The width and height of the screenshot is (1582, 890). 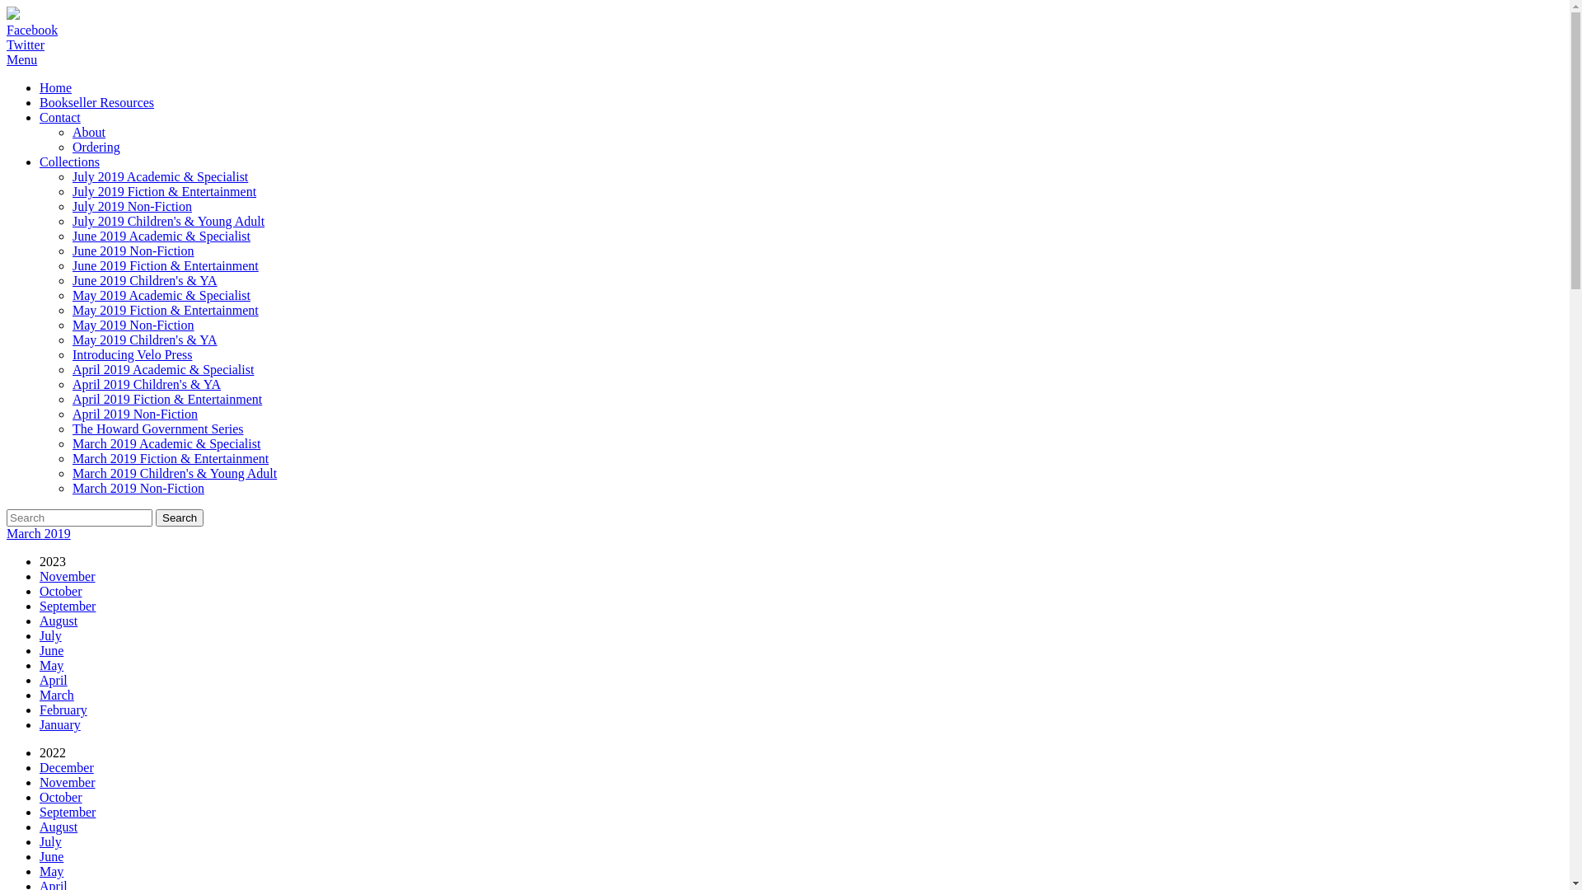 I want to click on 'October', so click(x=40, y=590).